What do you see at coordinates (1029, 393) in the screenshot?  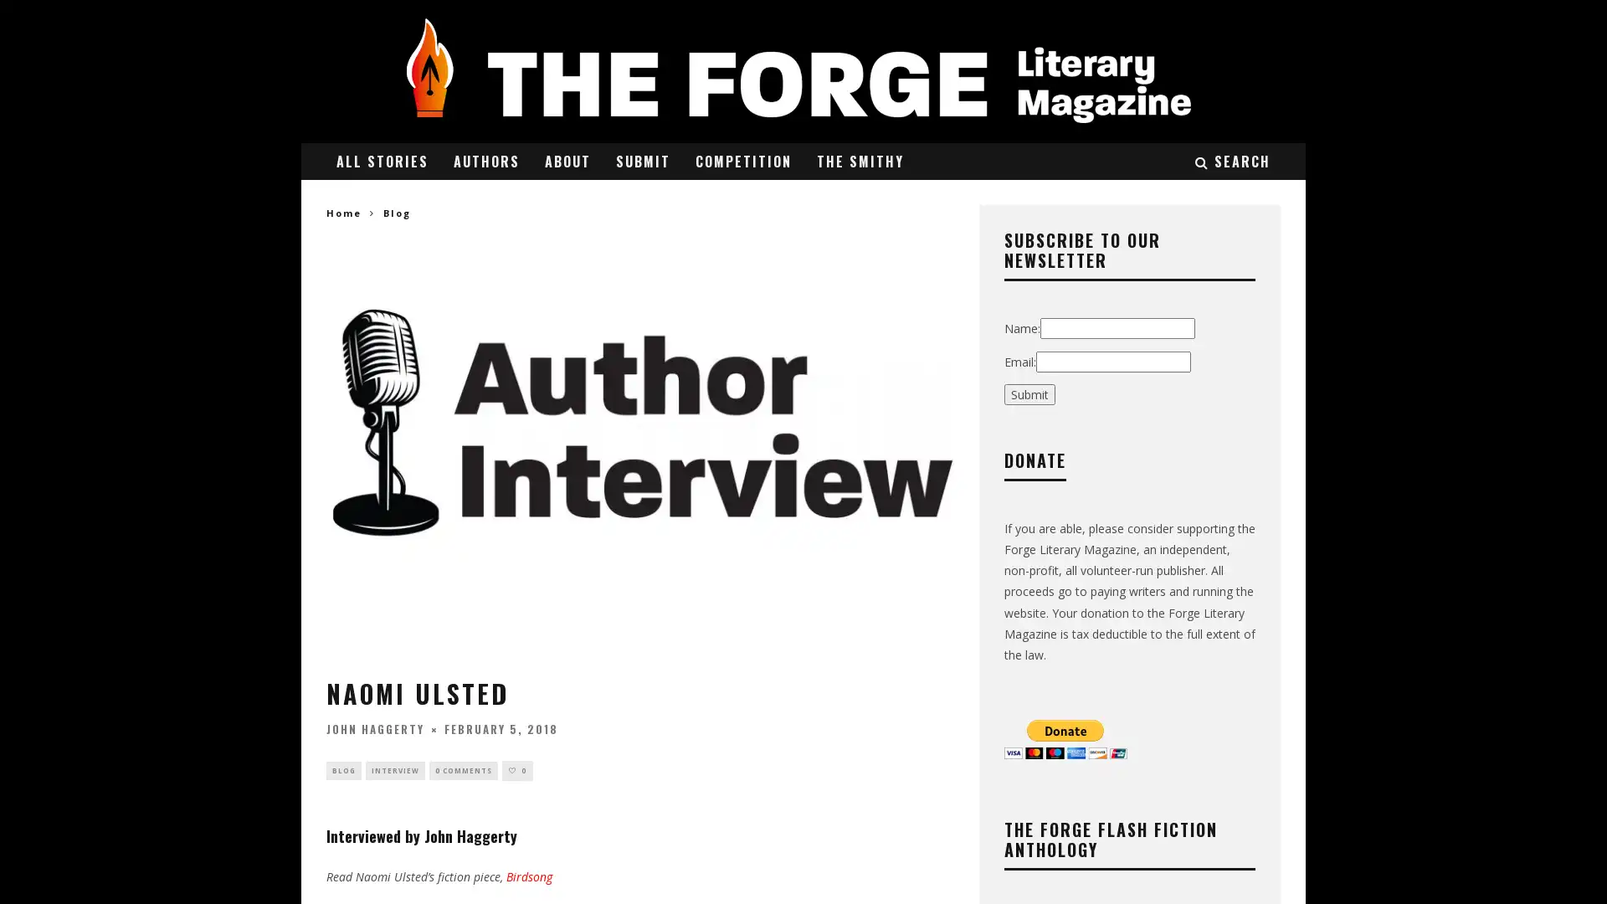 I see `Submit` at bounding box center [1029, 393].